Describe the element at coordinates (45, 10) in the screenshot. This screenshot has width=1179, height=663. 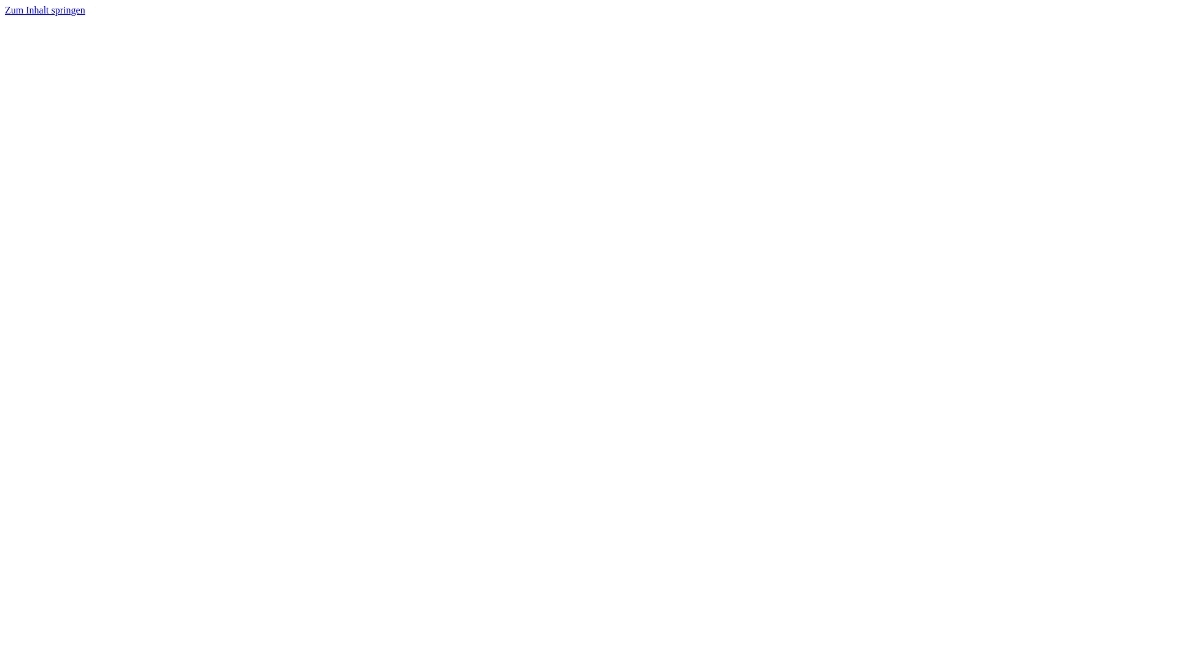
I see `'Zum Inhalt springen'` at that location.